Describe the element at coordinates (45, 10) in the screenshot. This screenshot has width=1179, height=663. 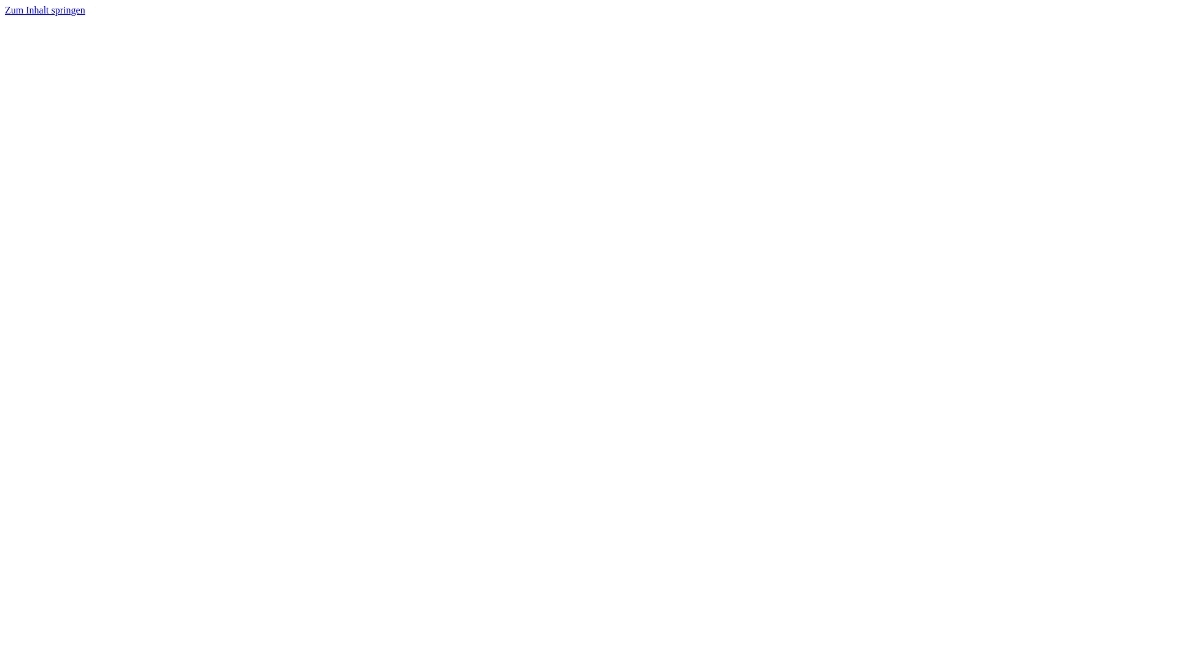
I see `'Zum Inhalt springen'` at that location.